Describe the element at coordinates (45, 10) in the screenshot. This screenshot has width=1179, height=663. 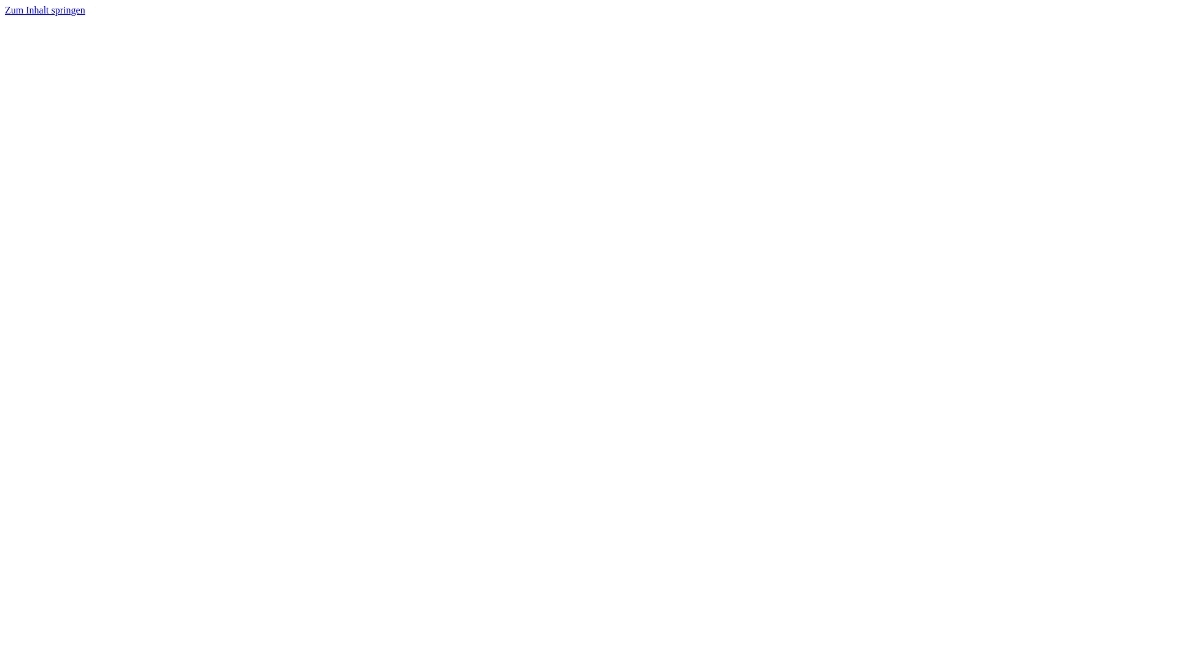
I see `'Zum Inhalt springen'` at that location.